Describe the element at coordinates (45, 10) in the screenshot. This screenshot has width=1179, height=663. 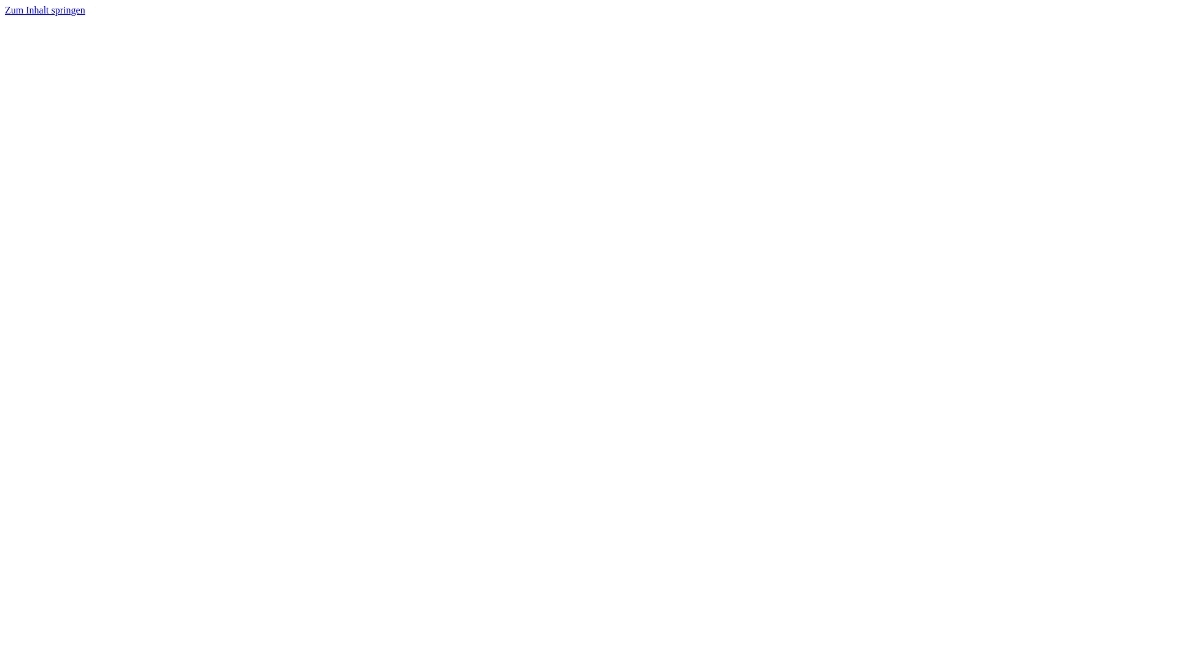
I see `'Zum Inhalt springen'` at that location.